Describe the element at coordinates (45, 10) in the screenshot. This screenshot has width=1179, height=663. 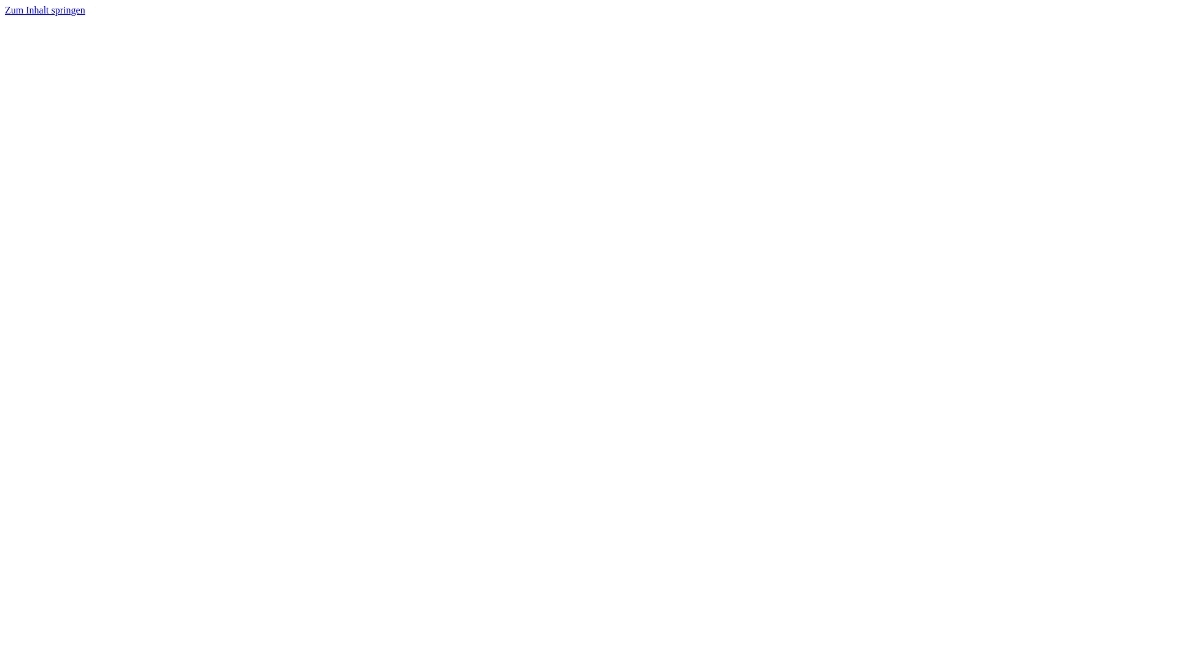
I see `'Zum Inhalt springen'` at that location.